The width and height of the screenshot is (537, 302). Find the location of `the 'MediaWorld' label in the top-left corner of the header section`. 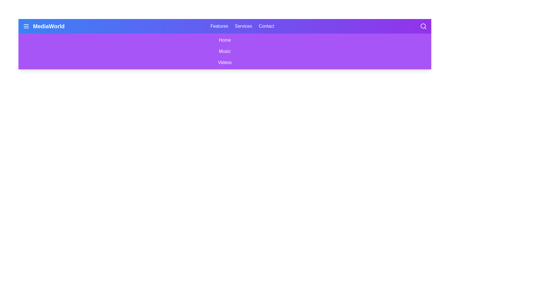

the 'MediaWorld' label in the top-left corner of the header section is located at coordinates (43, 26).